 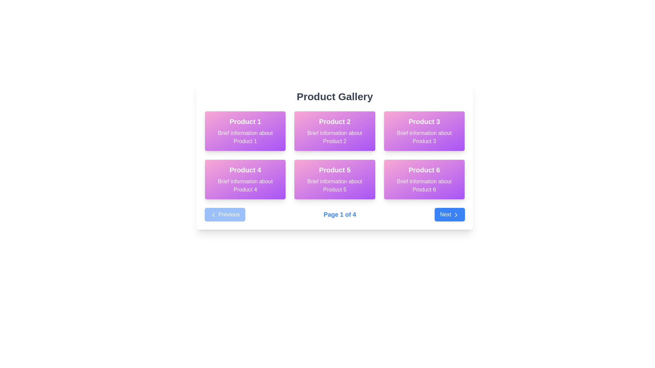 What do you see at coordinates (245, 137) in the screenshot?
I see `text block displaying 'Brief information about Product 1', which is styled with white text on a gradient purple-pink background and located below the heading 'Product 1' in the first product card of the 'Product Gallery'` at bounding box center [245, 137].